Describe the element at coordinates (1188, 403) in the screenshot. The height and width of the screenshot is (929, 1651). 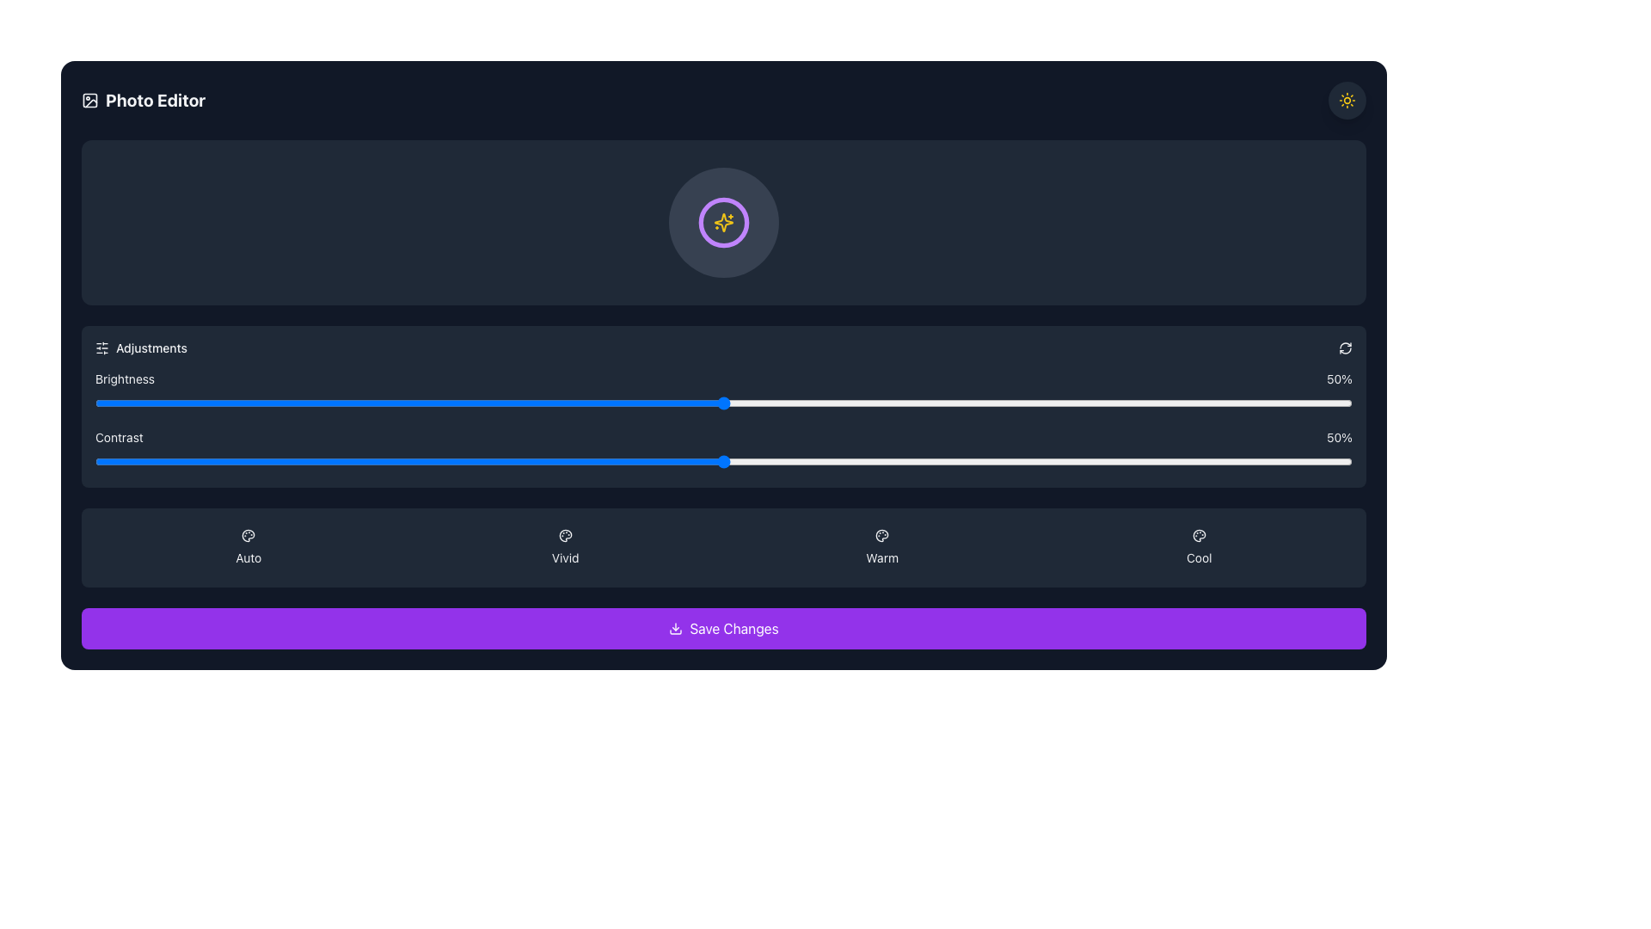
I see `contrast` at that location.